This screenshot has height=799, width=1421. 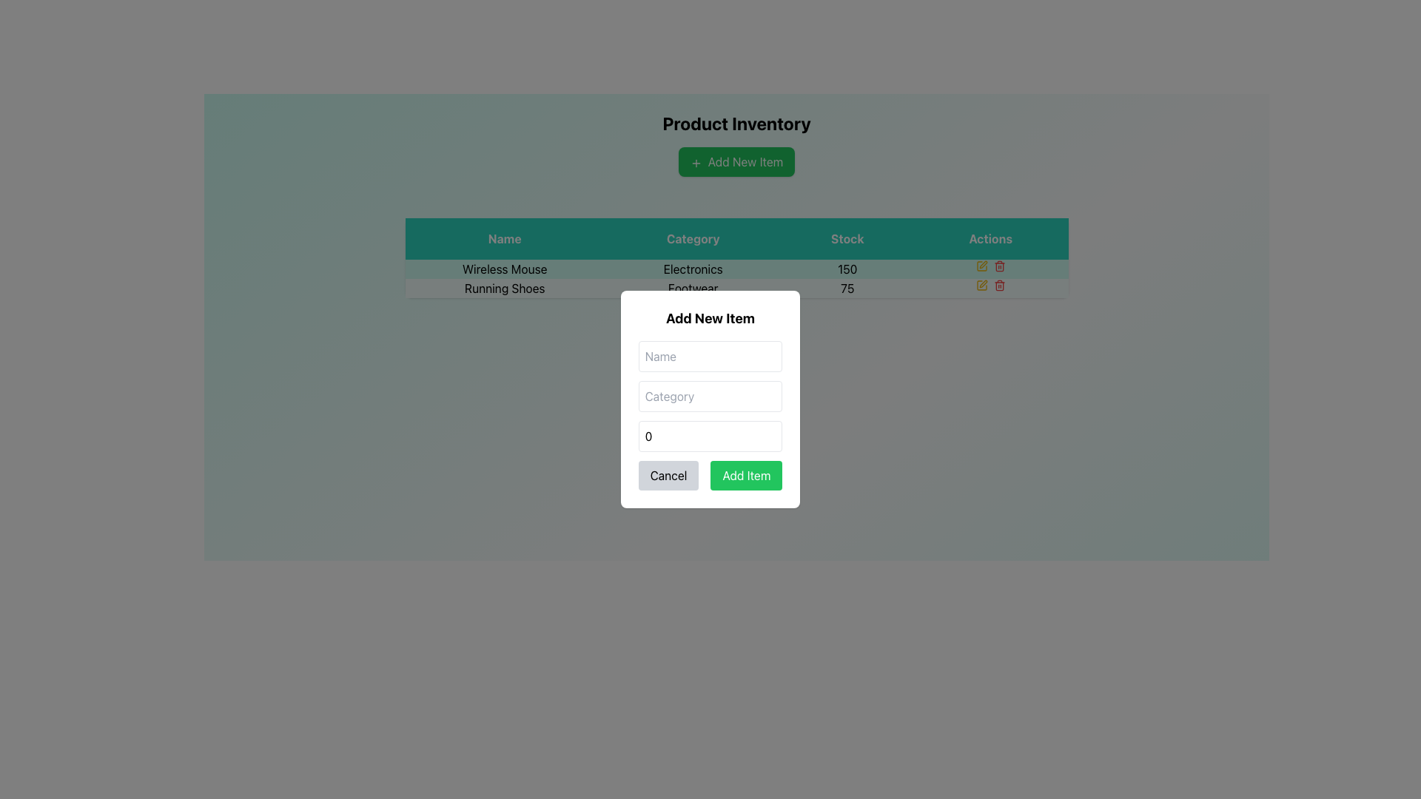 I want to click on the 'Add New Item' header, which is a bold and large black text element located at the top of a modal dialog, so click(x=710, y=318).